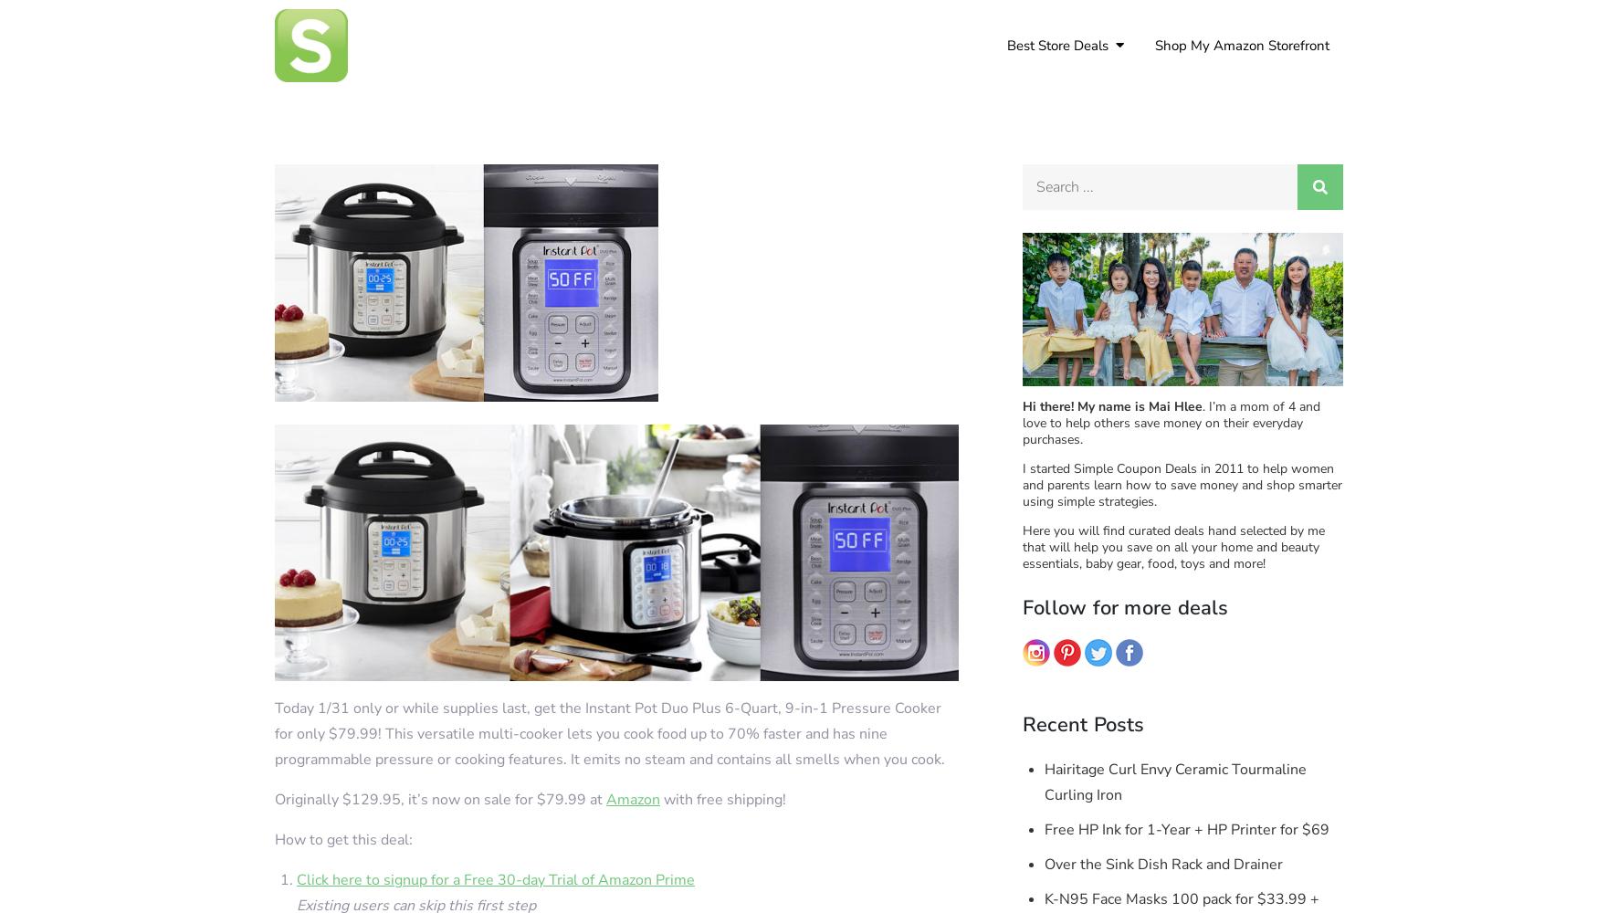 This screenshot has height=913, width=1618. What do you see at coordinates (1125, 607) in the screenshot?
I see `'Follow for more deals'` at bounding box center [1125, 607].